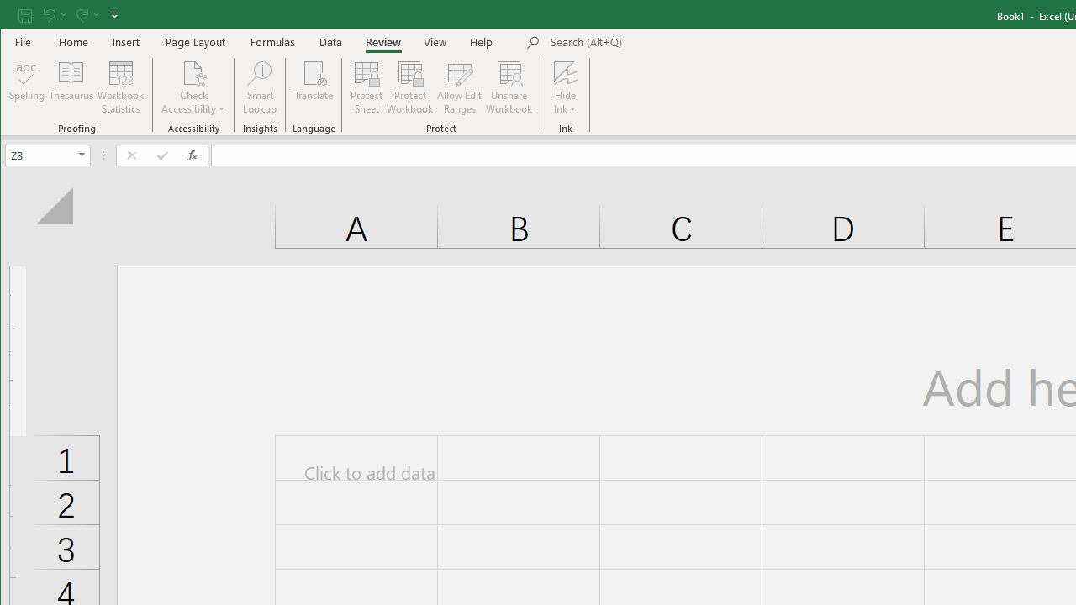 This screenshot has width=1076, height=605. Describe the element at coordinates (410, 87) in the screenshot. I see `'Protect Workbook...'` at that location.